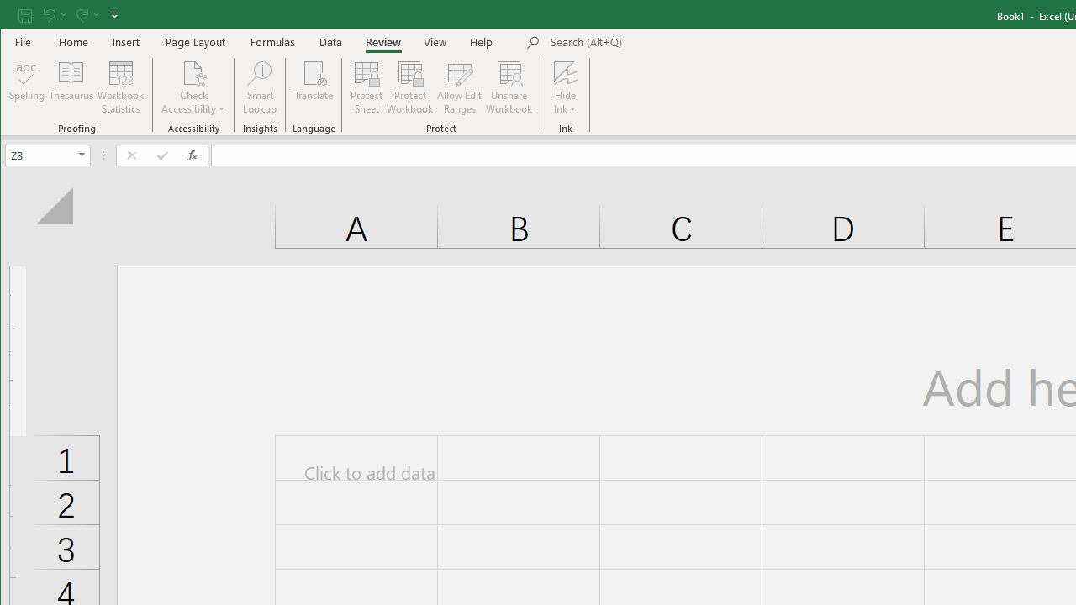 This screenshot has width=1076, height=605. Describe the element at coordinates (410, 87) in the screenshot. I see `'Protect Workbook...'` at that location.